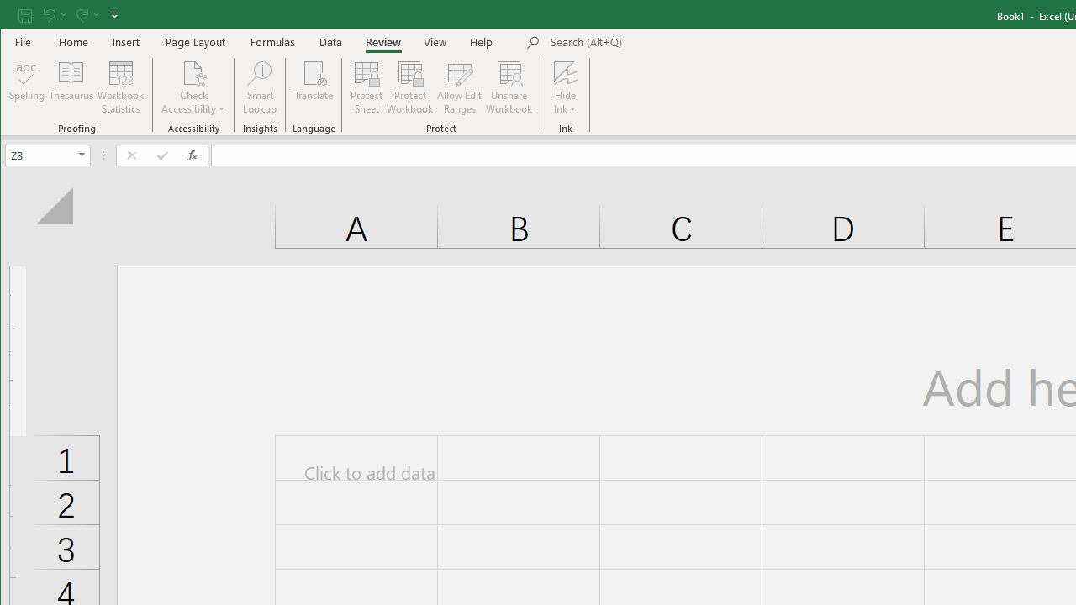 This screenshot has width=1076, height=605. Describe the element at coordinates (410, 87) in the screenshot. I see `'Protect Workbook...'` at that location.